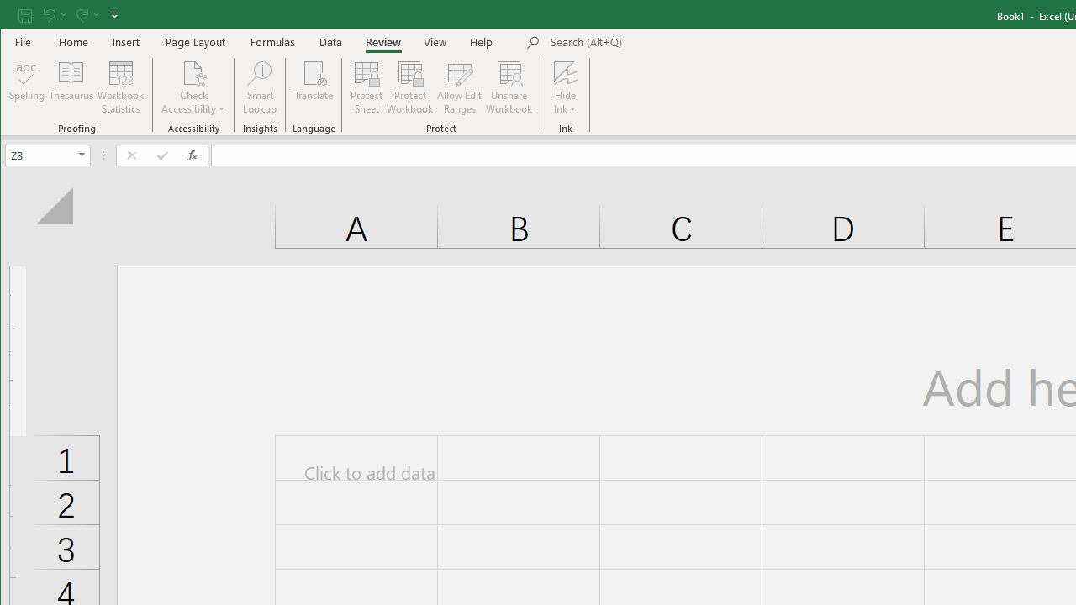 This screenshot has width=1076, height=605. Describe the element at coordinates (410, 87) in the screenshot. I see `'Protect Workbook...'` at that location.